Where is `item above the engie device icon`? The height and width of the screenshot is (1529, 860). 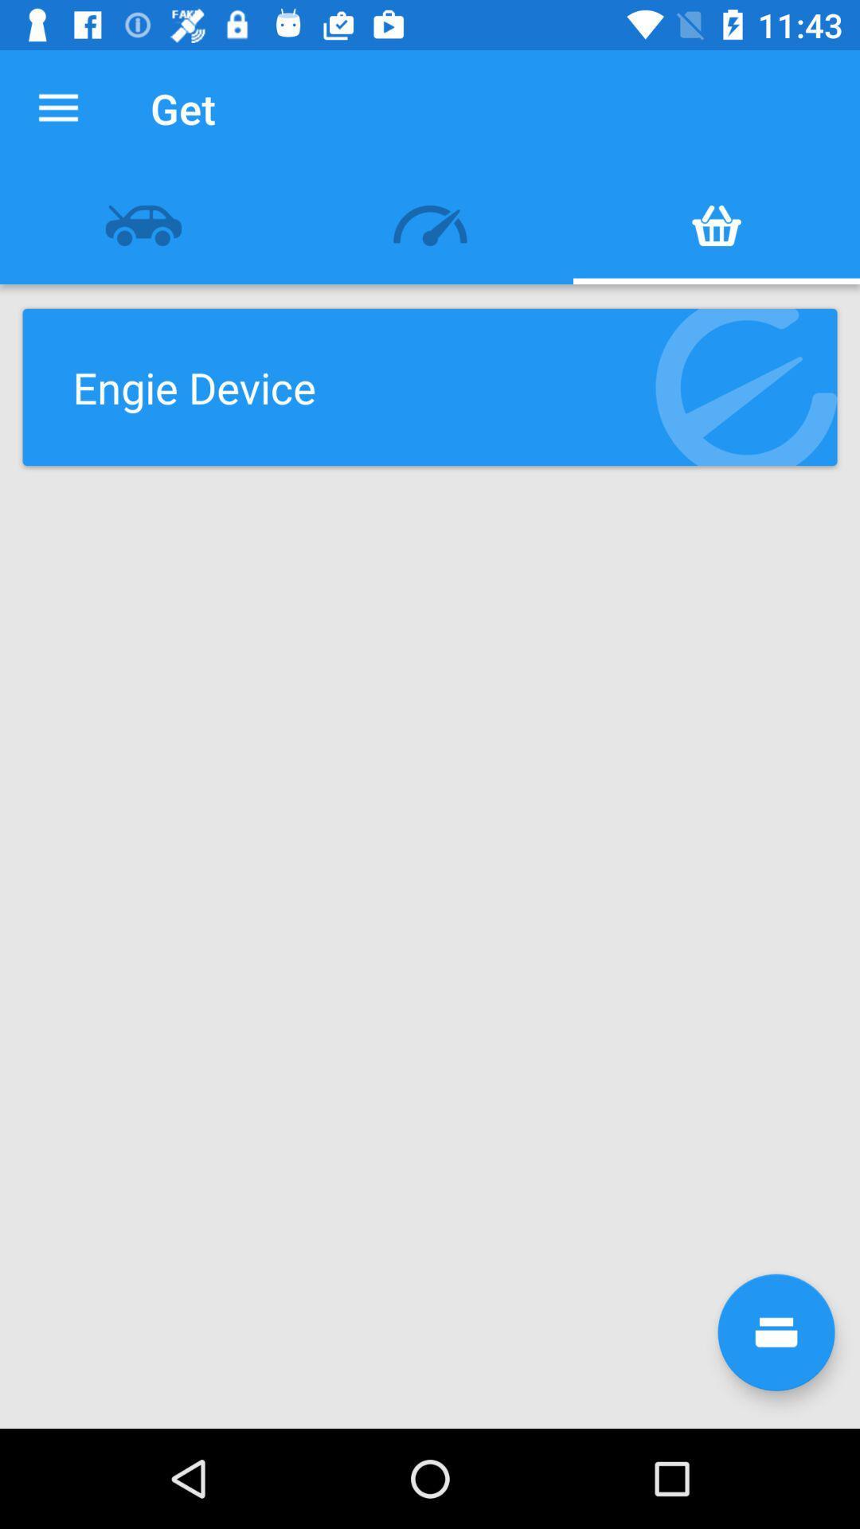
item above the engie device icon is located at coordinates (143, 225).